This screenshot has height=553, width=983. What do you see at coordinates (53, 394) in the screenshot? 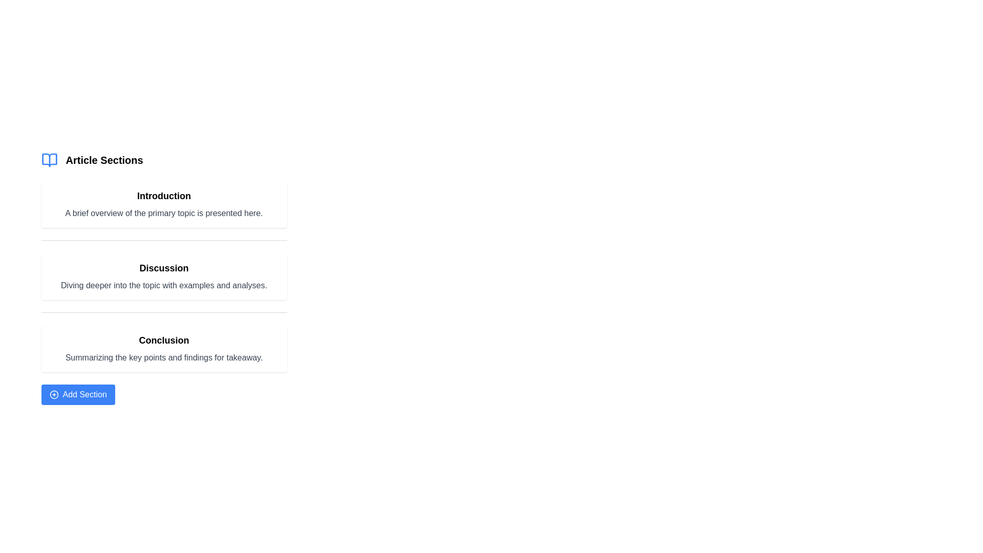
I see `circular shape within the 'circle-plus' SVG icon located towards the bottom left of the interface, adjacent to the 'Add Section' button for debugging purposes` at bounding box center [53, 394].